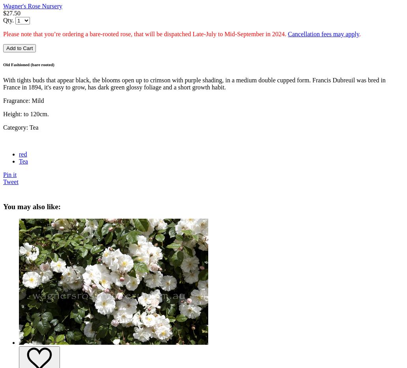 The height and width of the screenshot is (368, 407). Describe the element at coordinates (3, 181) in the screenshot. I see `'Tweet'` at that location.